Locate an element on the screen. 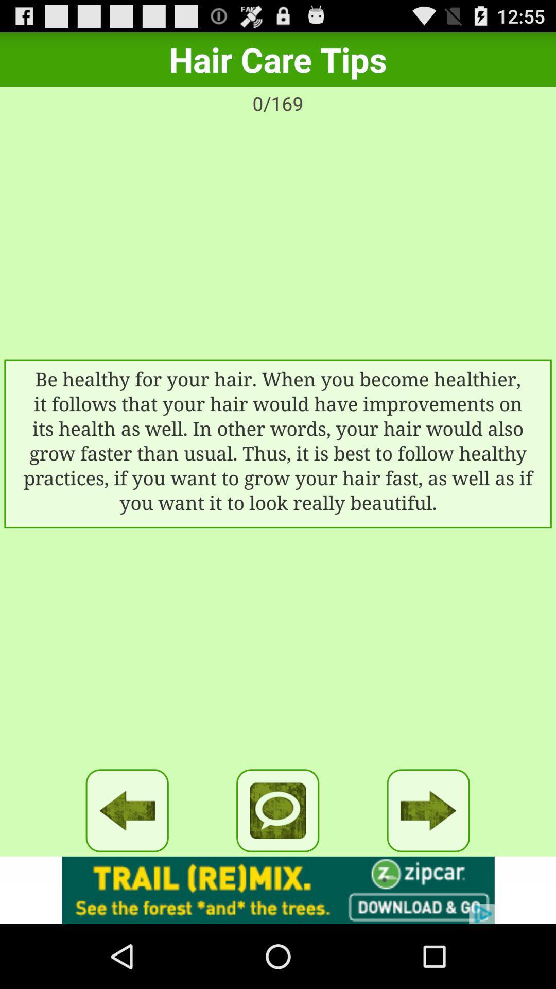 The width and height of the screenshot is (556, 989). go forward is located at coordinates (428, 810).